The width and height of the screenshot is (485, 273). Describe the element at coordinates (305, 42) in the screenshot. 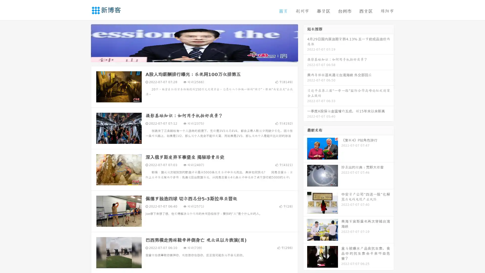

I see `Next slide` at that location.